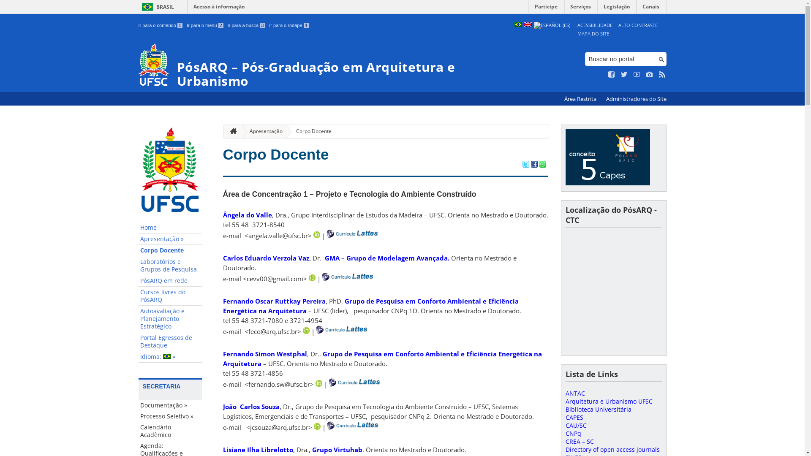 This screenshot has width=811, height=456. Describe the element at coordinates (577, 33) in the screenshot. I see `'MAPA DO SITE'` at that location.